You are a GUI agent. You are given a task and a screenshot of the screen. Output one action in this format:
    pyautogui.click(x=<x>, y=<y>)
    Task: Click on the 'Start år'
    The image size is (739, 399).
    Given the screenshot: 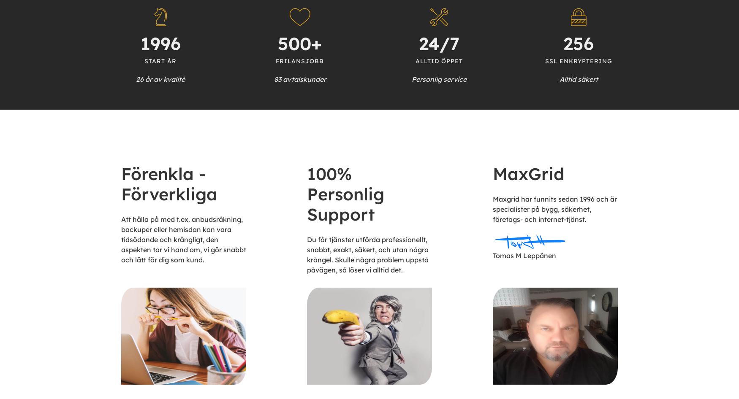 What is the action you would take?
    pyautogui.click(x=160, y=60)
    